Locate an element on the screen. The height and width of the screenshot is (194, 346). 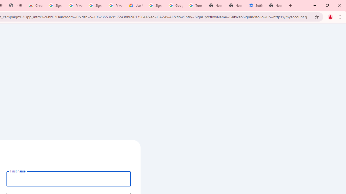
'First name' is located at coordinates (68, 179).